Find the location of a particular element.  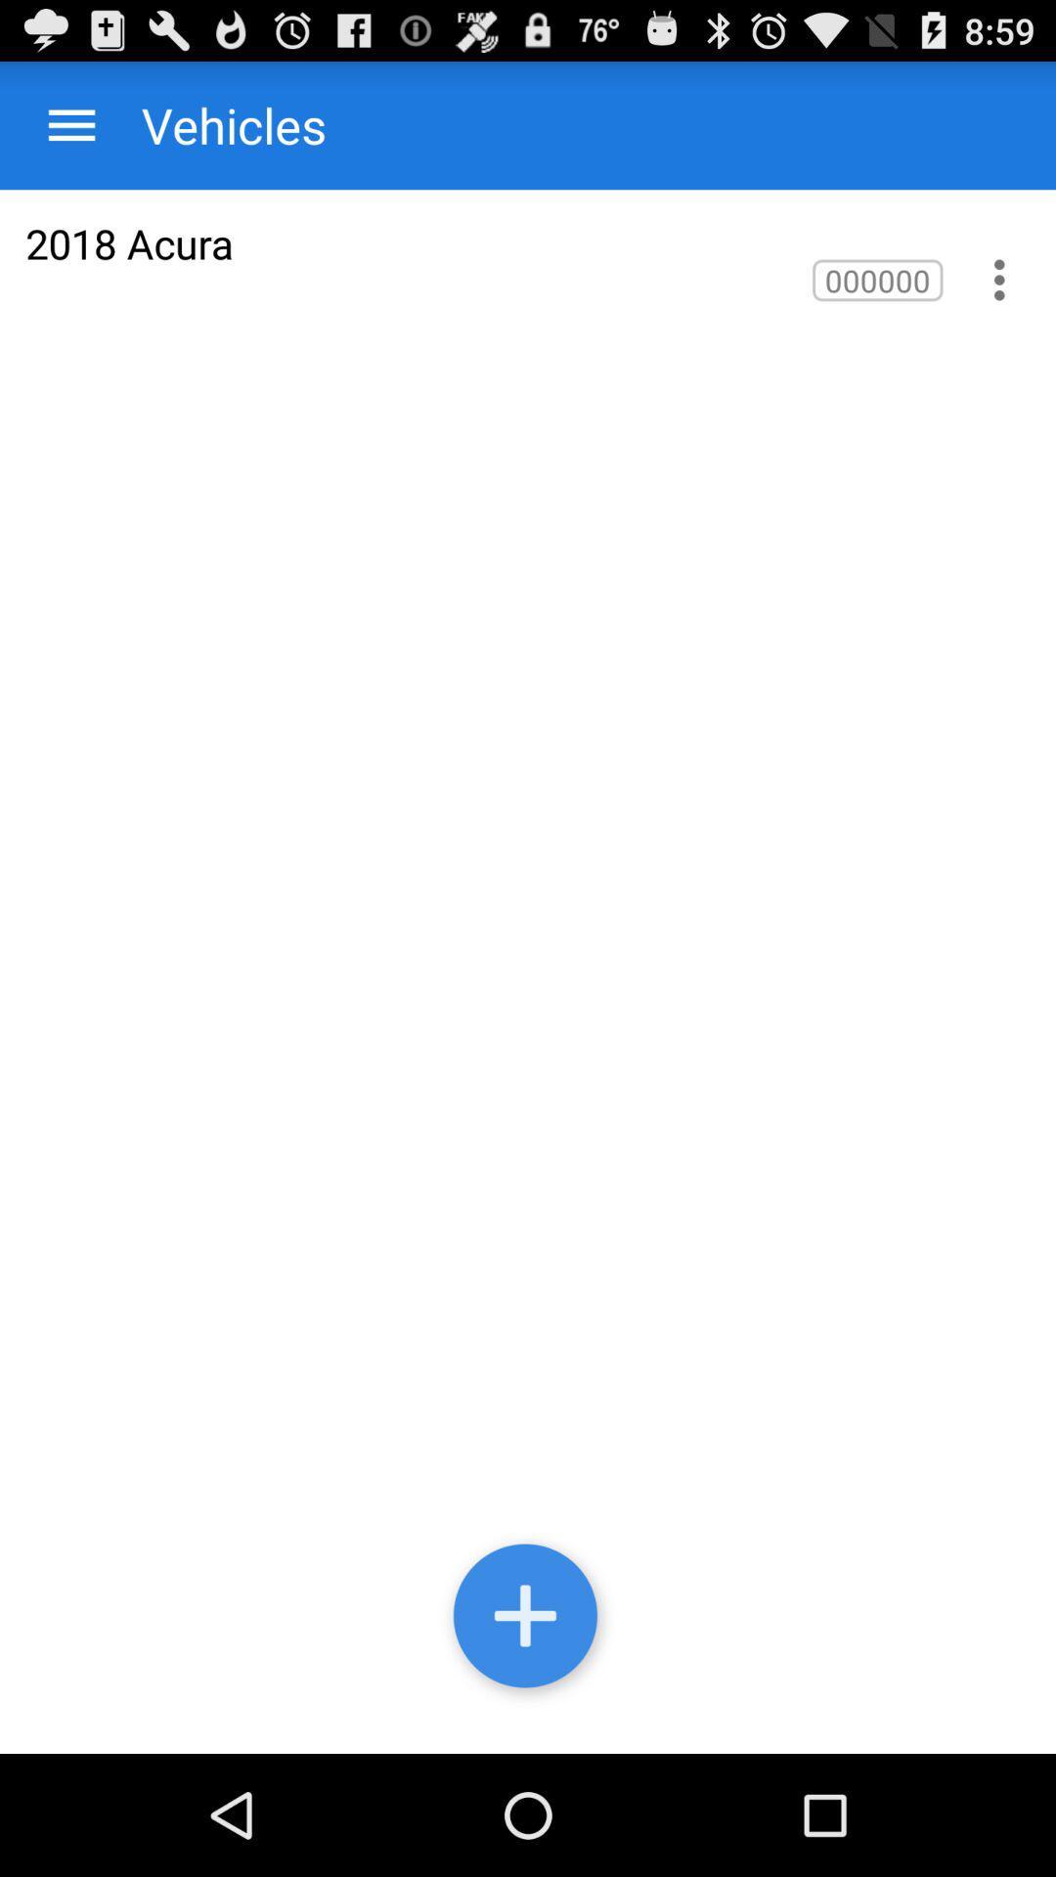

vehicle to list is located at coordinates (528, 1620).